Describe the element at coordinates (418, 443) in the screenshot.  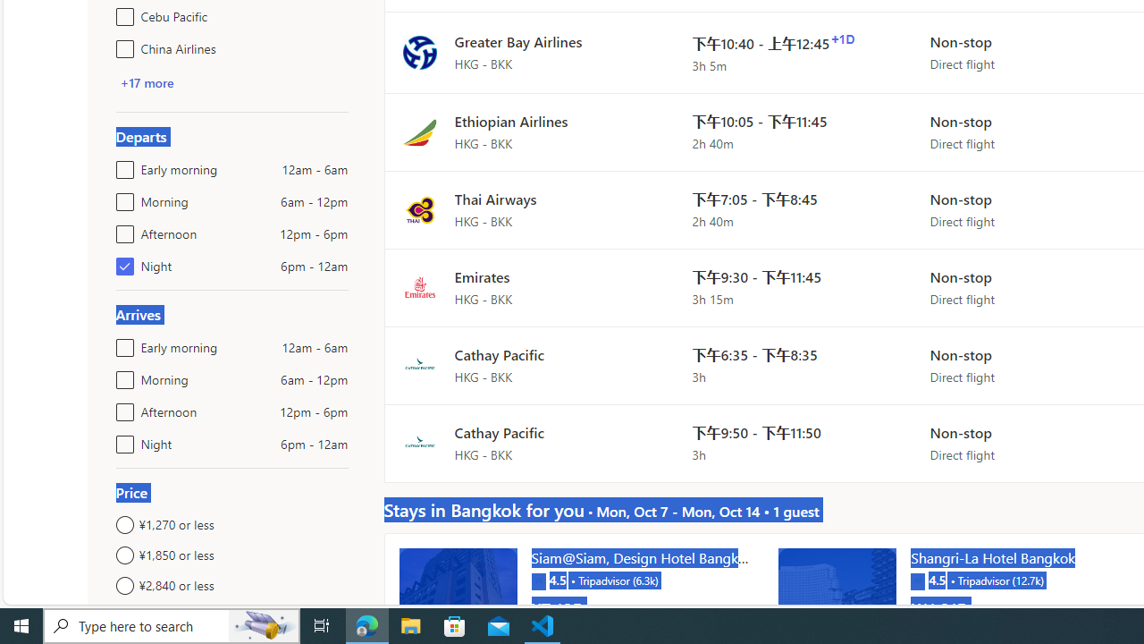
I see `'Flight logo'` at that location.